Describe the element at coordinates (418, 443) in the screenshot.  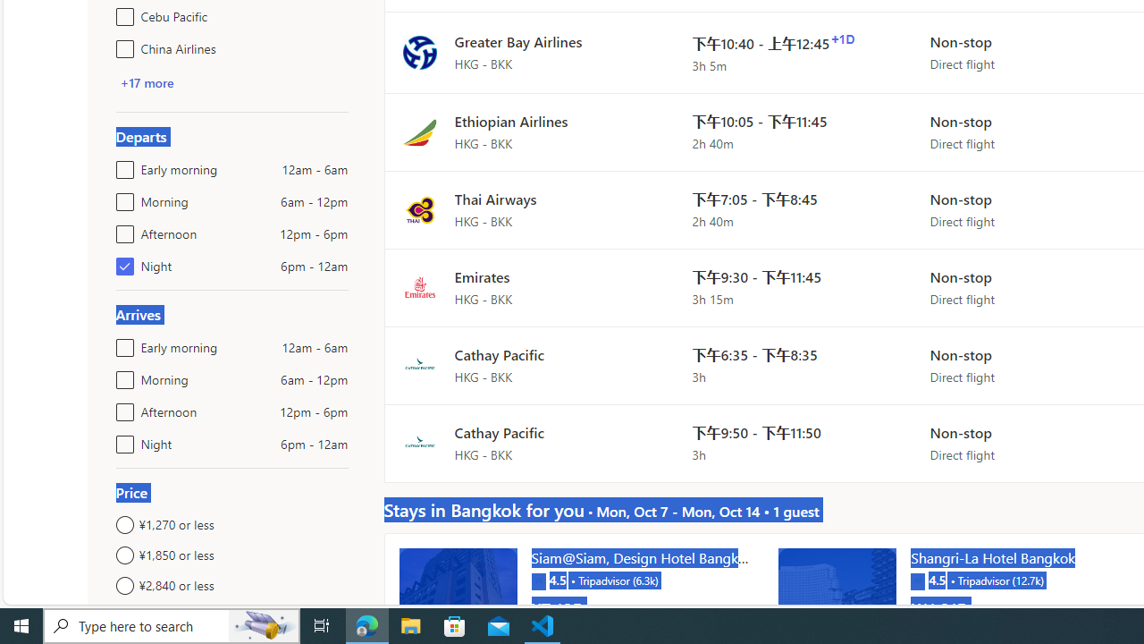
I see `'Flight logo'` at that location.